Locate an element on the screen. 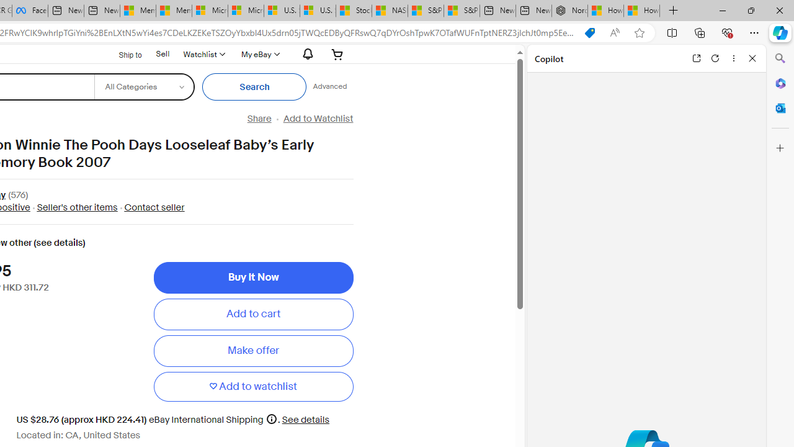  'Open link in new tab' is located at coordinates (696, 58).